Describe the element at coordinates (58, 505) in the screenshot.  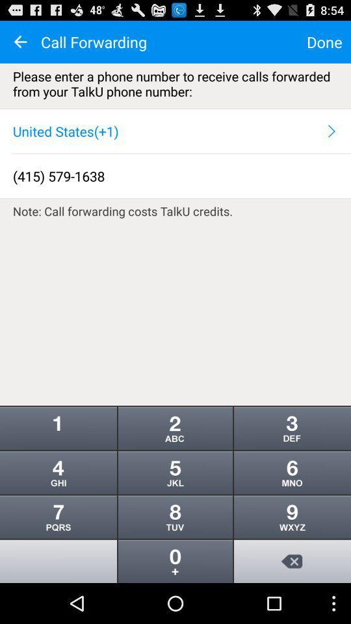
I see `the more icon` at that location.